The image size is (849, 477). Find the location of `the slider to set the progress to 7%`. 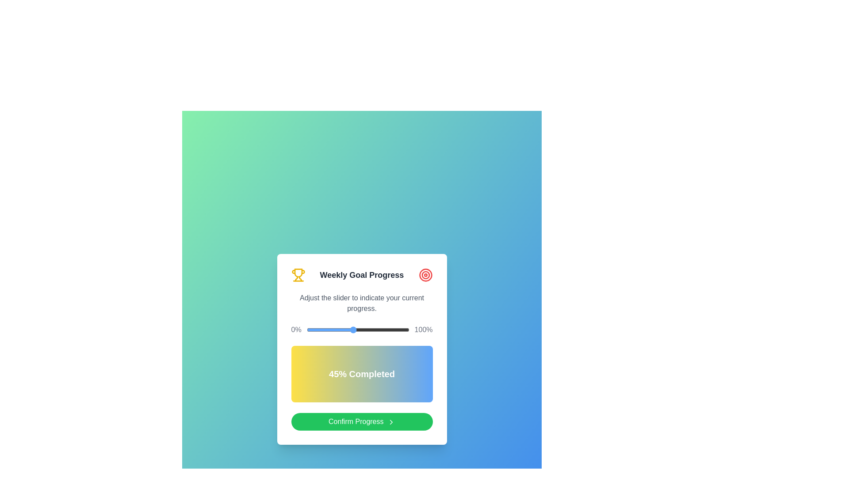

the slider to set the progress to 7% is located at coordinates (314, 330).